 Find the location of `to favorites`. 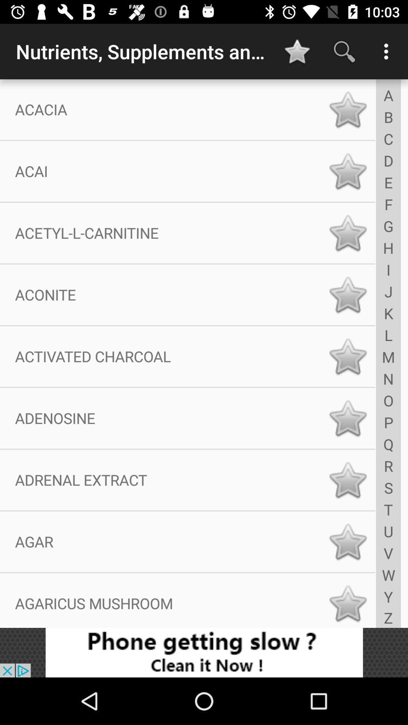

to favorites is located at coordinates (348, 233).